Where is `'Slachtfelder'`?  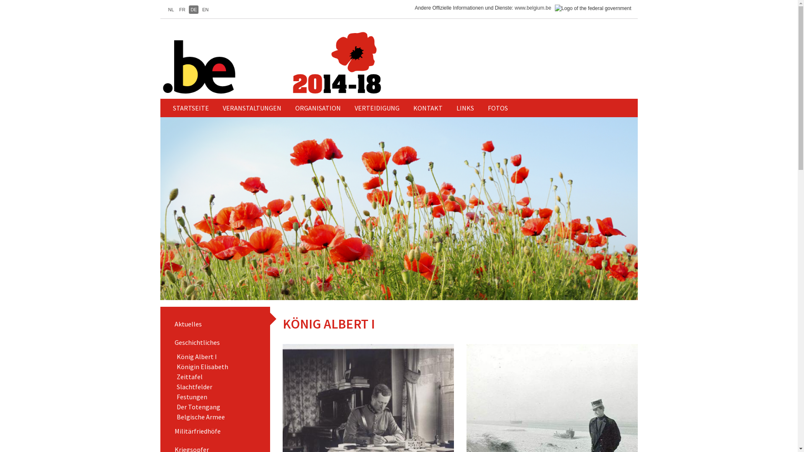
'Slachtfelder' is located at coordinates (194, 387).